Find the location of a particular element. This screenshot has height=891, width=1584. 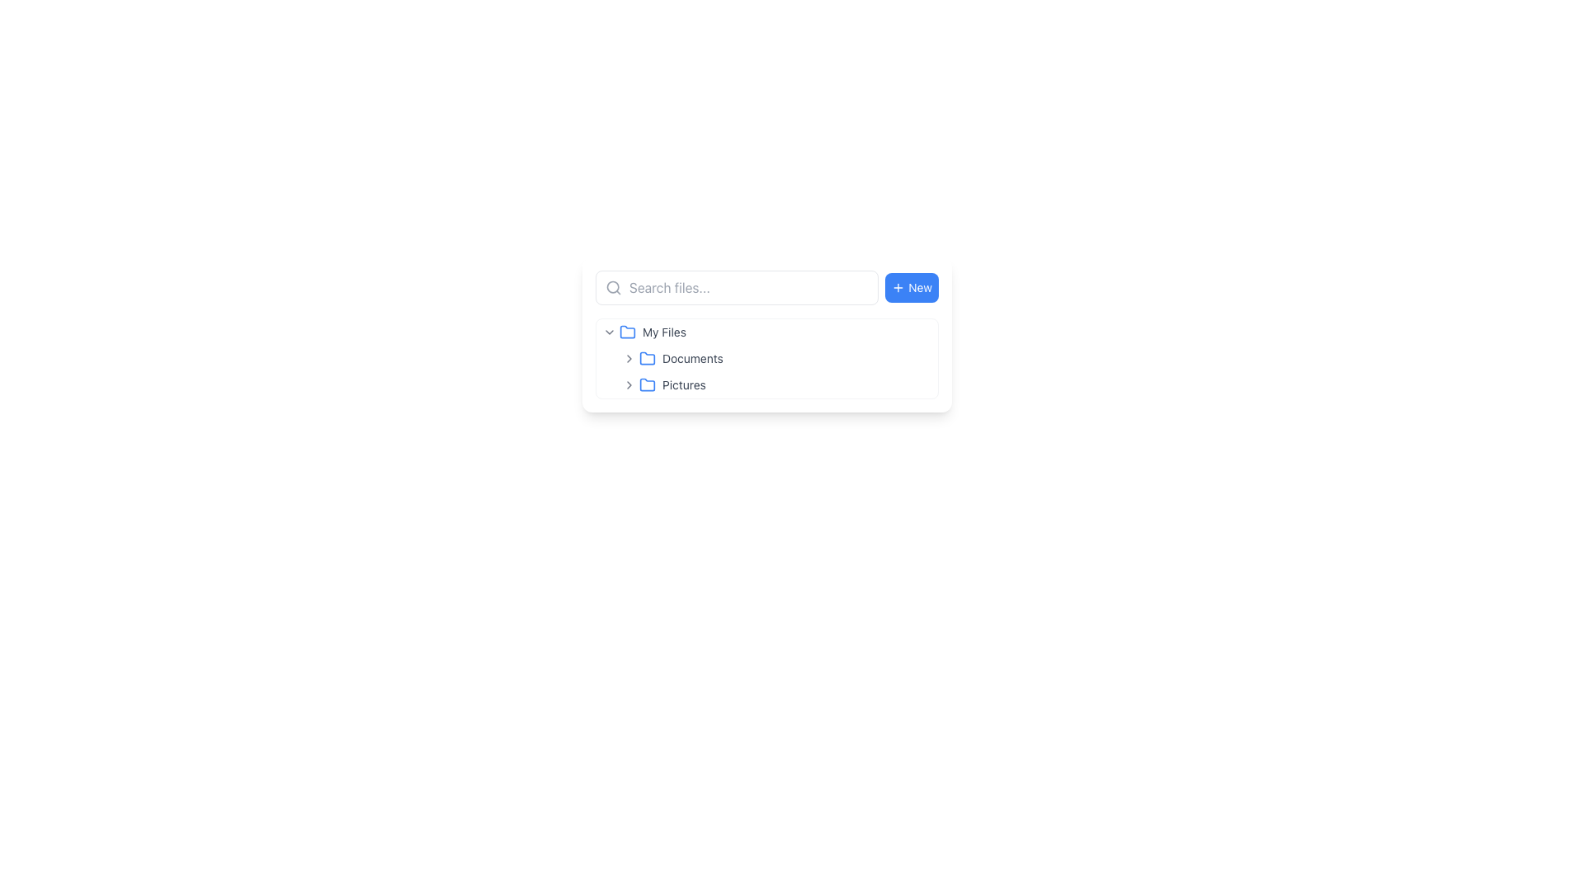

the addition icon located on the far right side of the blue 'New' button, which signifies a creation action is located at coordinates (898, 286).